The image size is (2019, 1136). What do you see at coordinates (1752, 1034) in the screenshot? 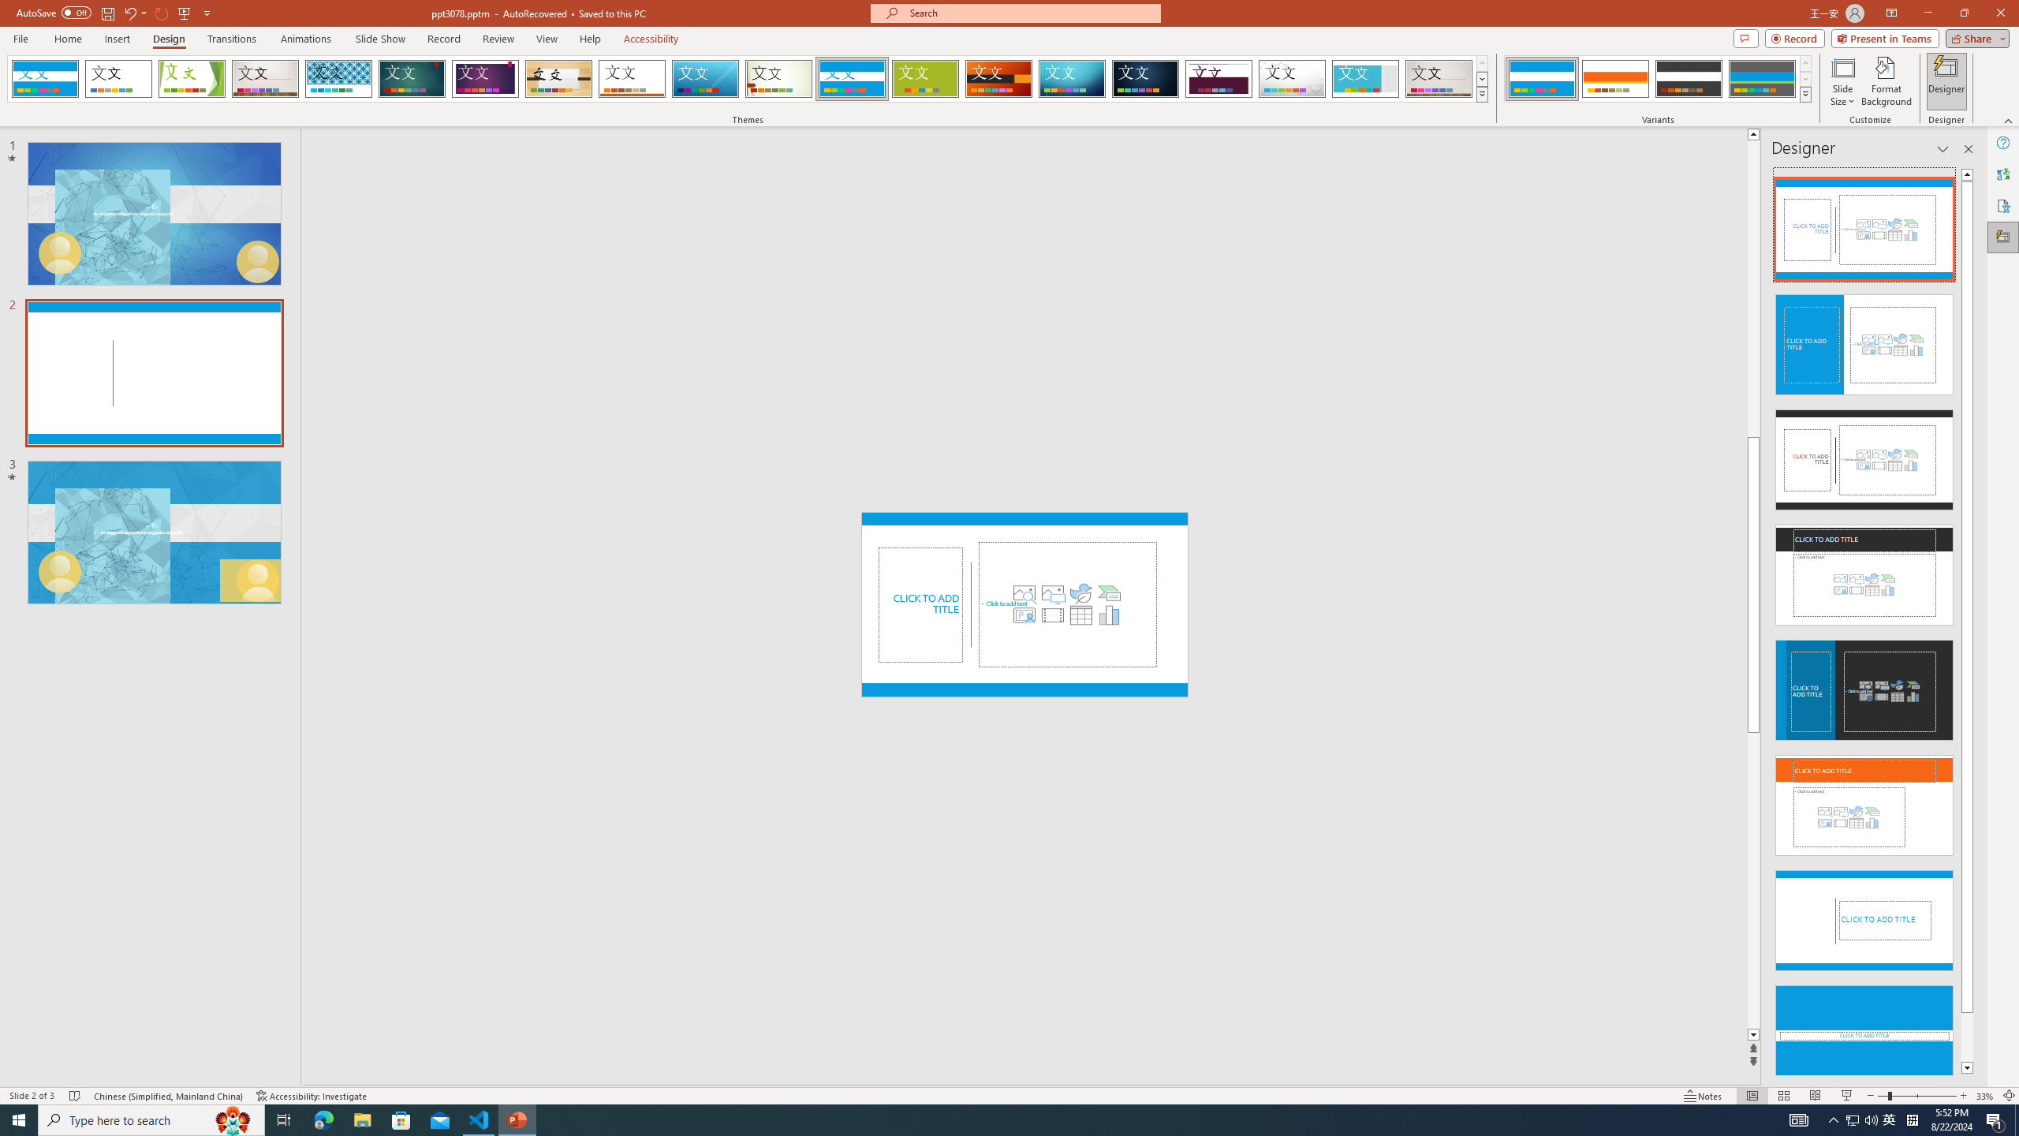
I see `'Line down'` at bounding box center [1752, 1034].